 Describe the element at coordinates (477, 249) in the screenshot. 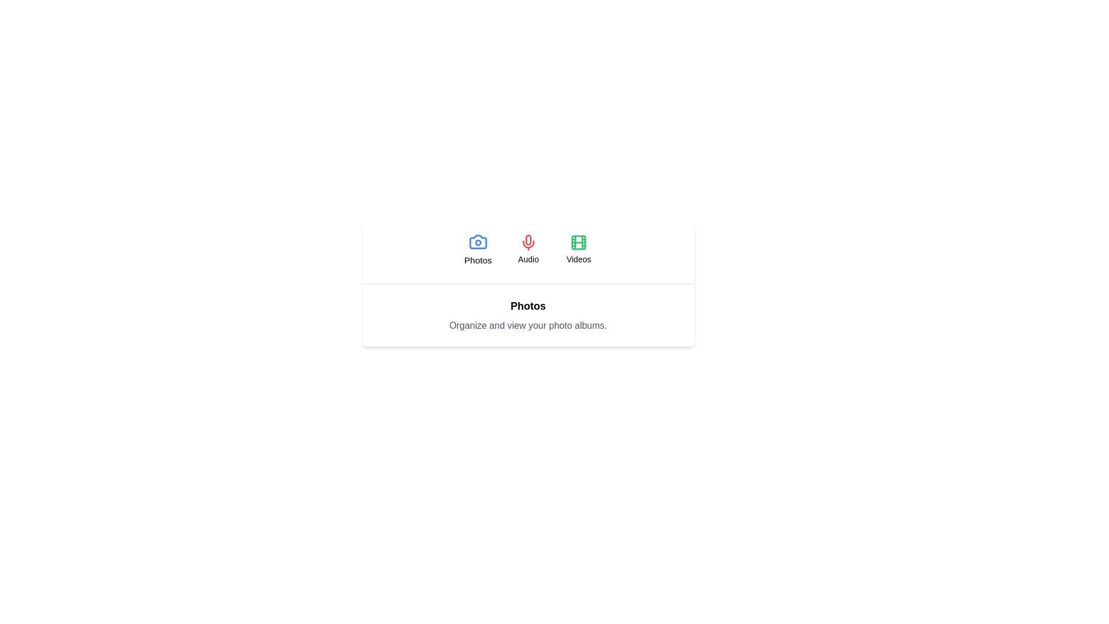

I see `the Photos tab button to activate it` at that location.